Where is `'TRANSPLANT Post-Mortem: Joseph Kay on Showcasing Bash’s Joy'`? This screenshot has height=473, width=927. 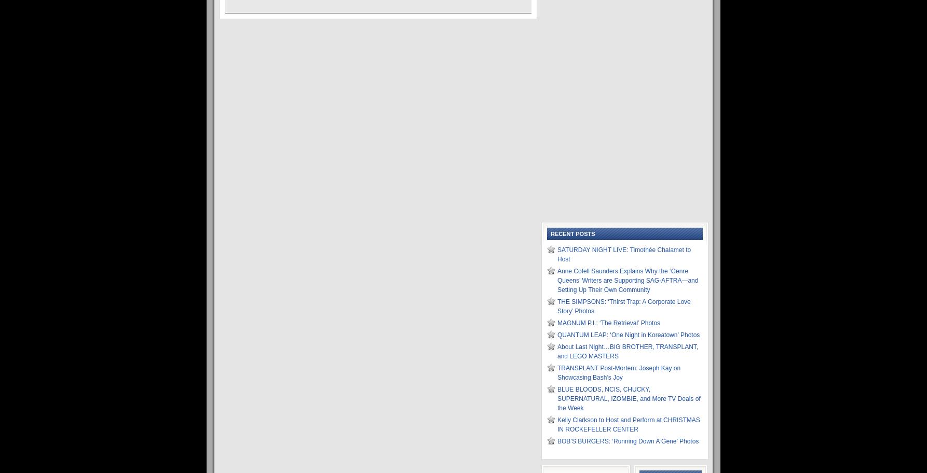 'TRANSPLANT Post-Mortem: Joseph Kay on Showcasing Bash’s Joy' is located at coordinates (619, 373).